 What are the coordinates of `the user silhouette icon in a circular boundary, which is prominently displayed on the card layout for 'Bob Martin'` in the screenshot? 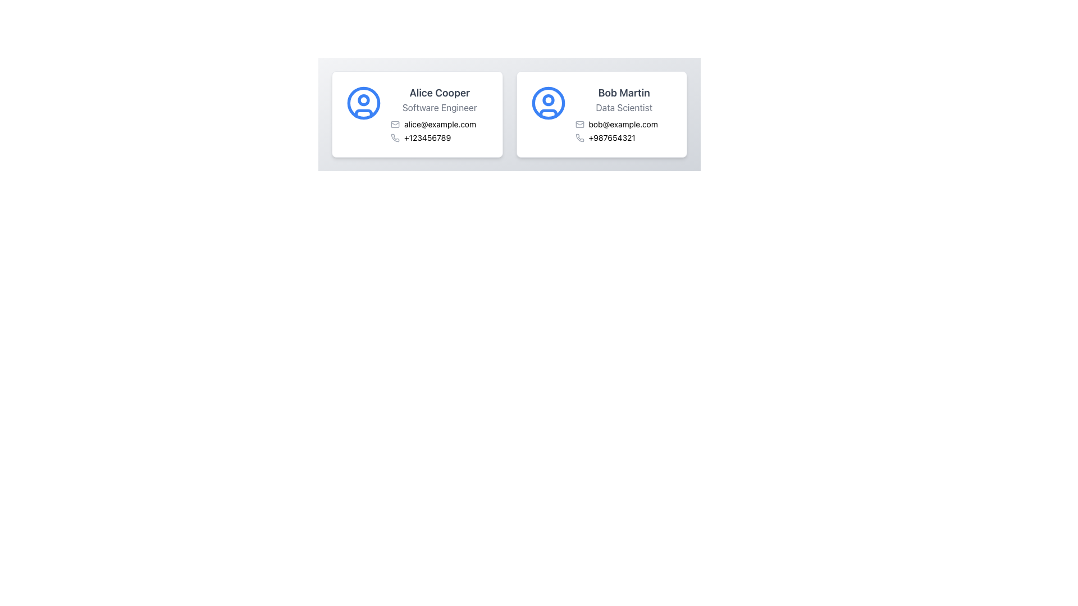 It's located at (548, 103).